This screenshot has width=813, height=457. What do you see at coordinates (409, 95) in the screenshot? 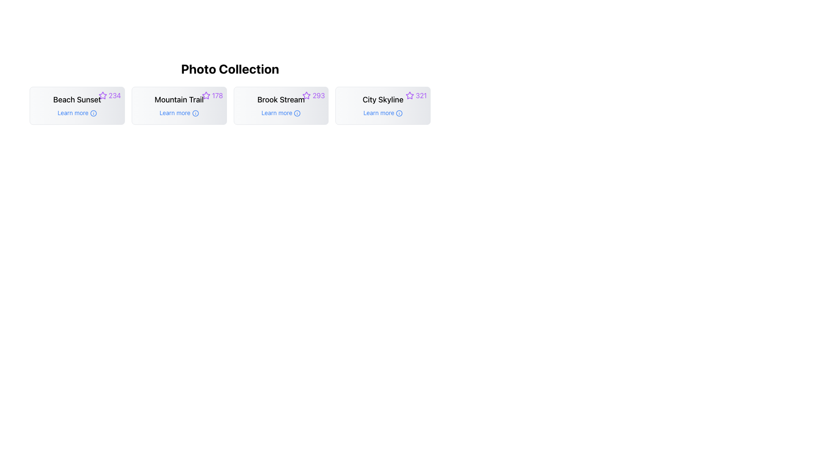
I see `the star icon in the top-right corner of the 'City Skyline' photo collection to provide a rating` at bounding box center [409, 95].